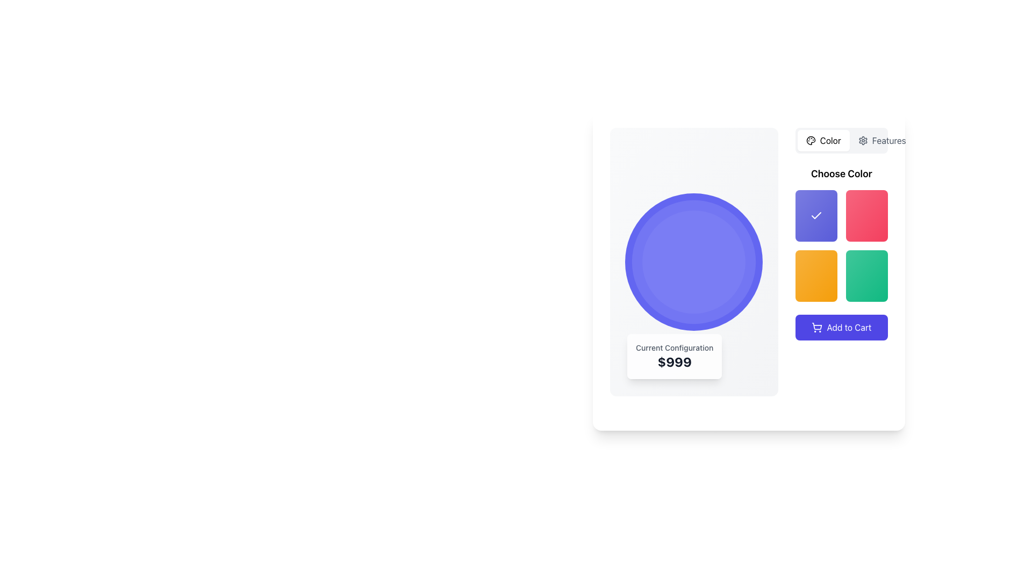 The image size is (1032, 580). Describe the element at coordinates (841, 233) in the screenshot. I see `the interactive color selection grid` at that location.